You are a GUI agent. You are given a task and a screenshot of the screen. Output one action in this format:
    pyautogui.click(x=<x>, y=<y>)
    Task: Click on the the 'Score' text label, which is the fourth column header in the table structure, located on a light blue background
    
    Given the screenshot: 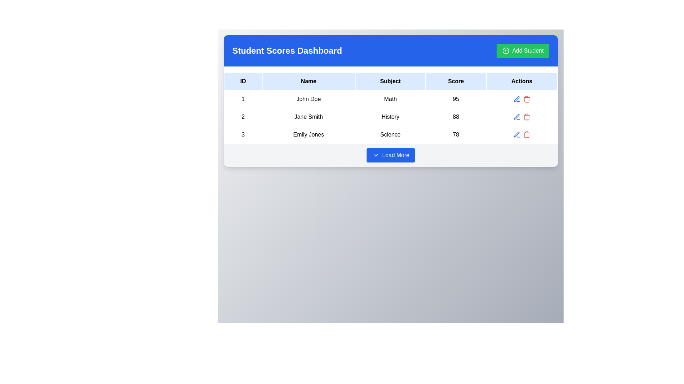 What is the action you would take?
    pyautogui.click(x=455, y=81)
    